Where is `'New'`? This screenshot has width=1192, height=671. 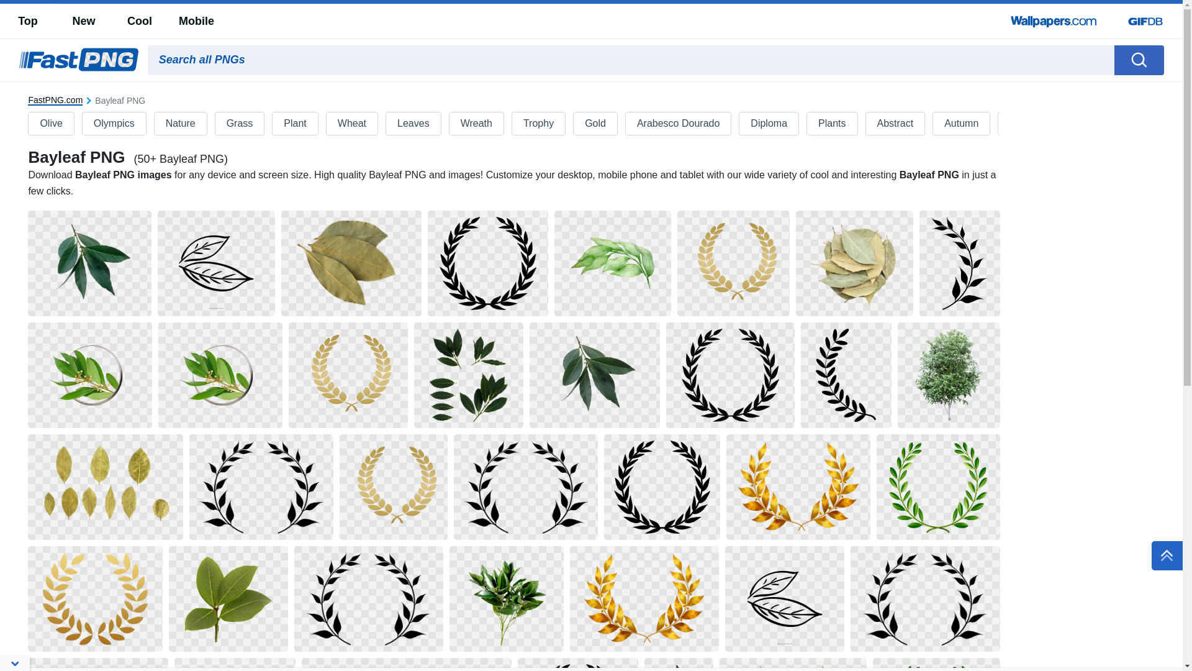 'New' is located at coordinates (83, 21).